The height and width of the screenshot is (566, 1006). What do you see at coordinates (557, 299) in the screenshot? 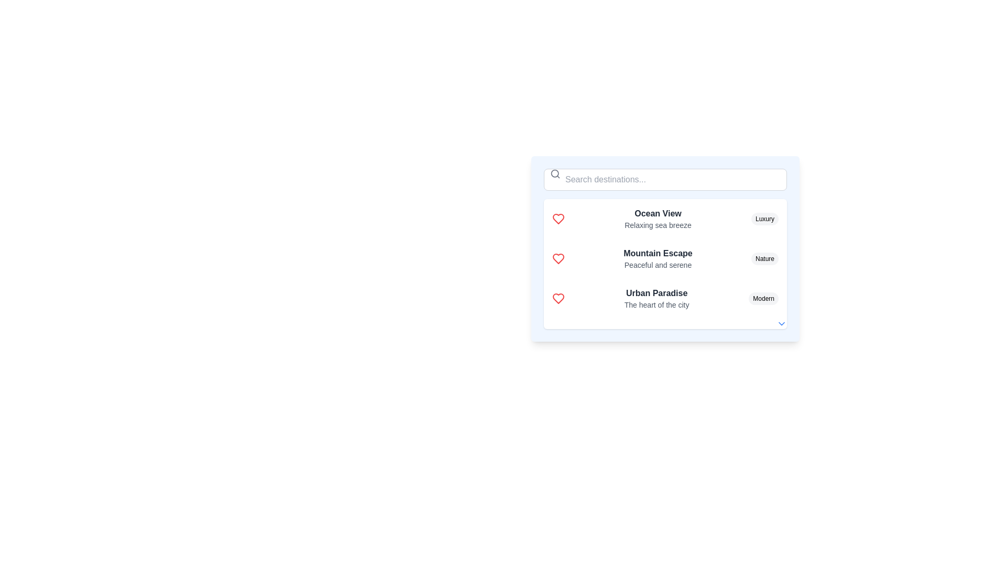
I see `the heart icon located to the left of the 'Urban Paradise' text to mark it as a favorite` at bounding box center [557, 299].